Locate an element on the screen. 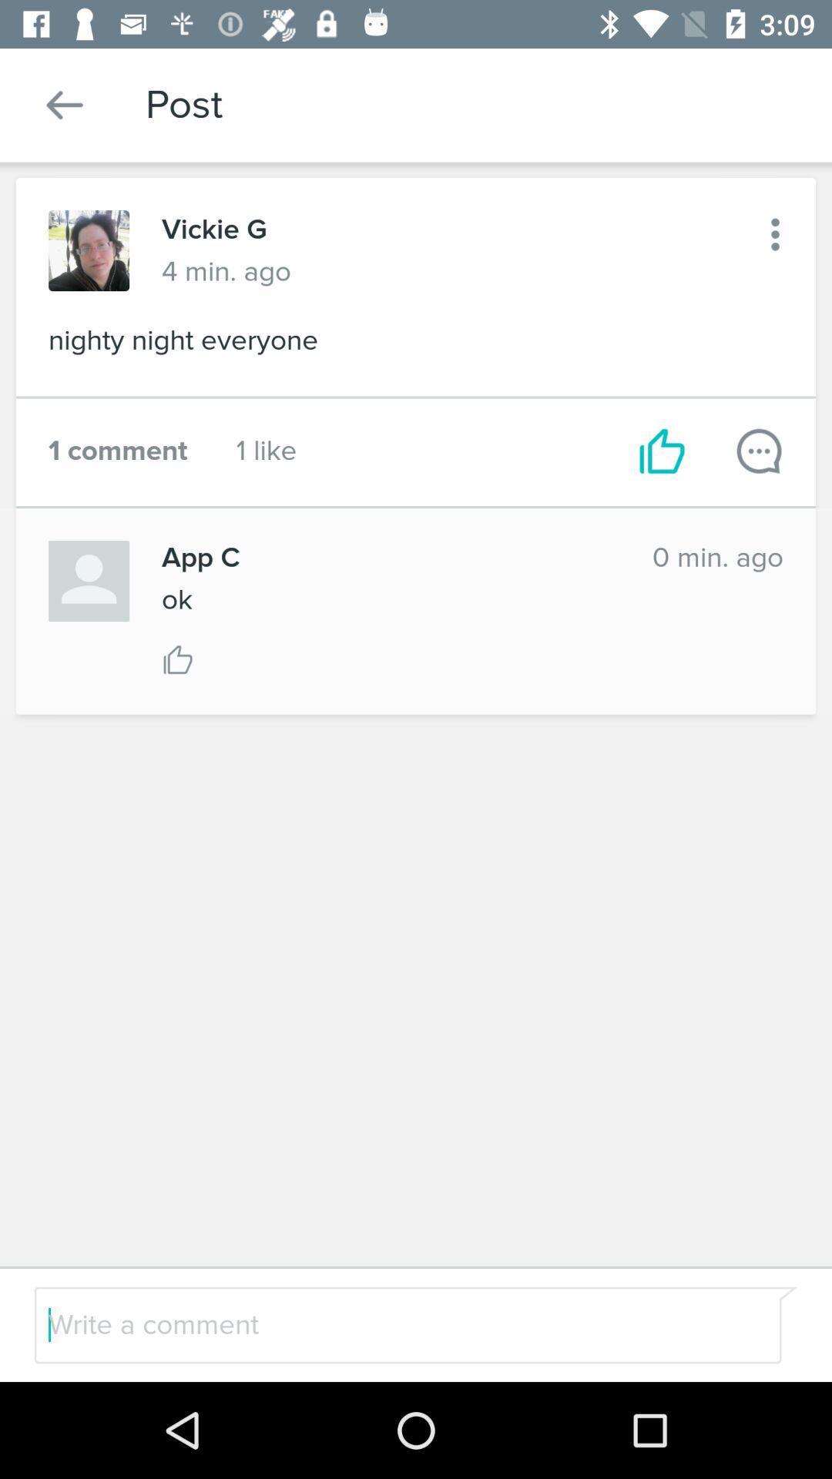 The image size is (832, 1479). like post is located at coordinates (177, 659).